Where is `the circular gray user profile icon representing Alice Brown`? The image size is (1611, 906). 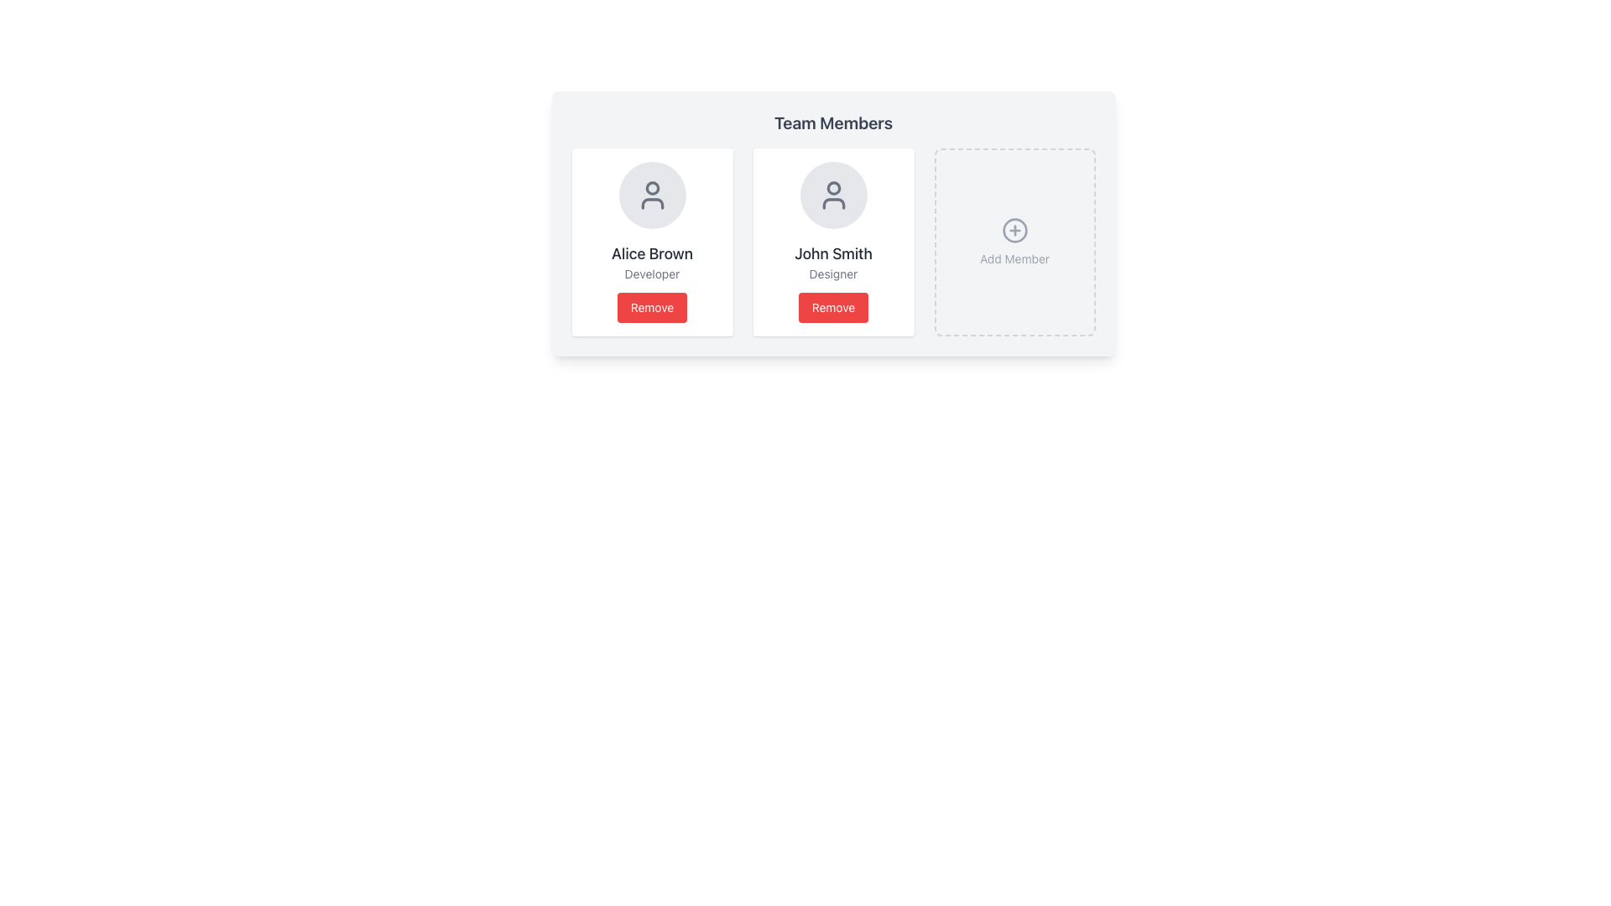 the circular gray user profile icon representing Alice Brown is located at coordinates (651, 194).